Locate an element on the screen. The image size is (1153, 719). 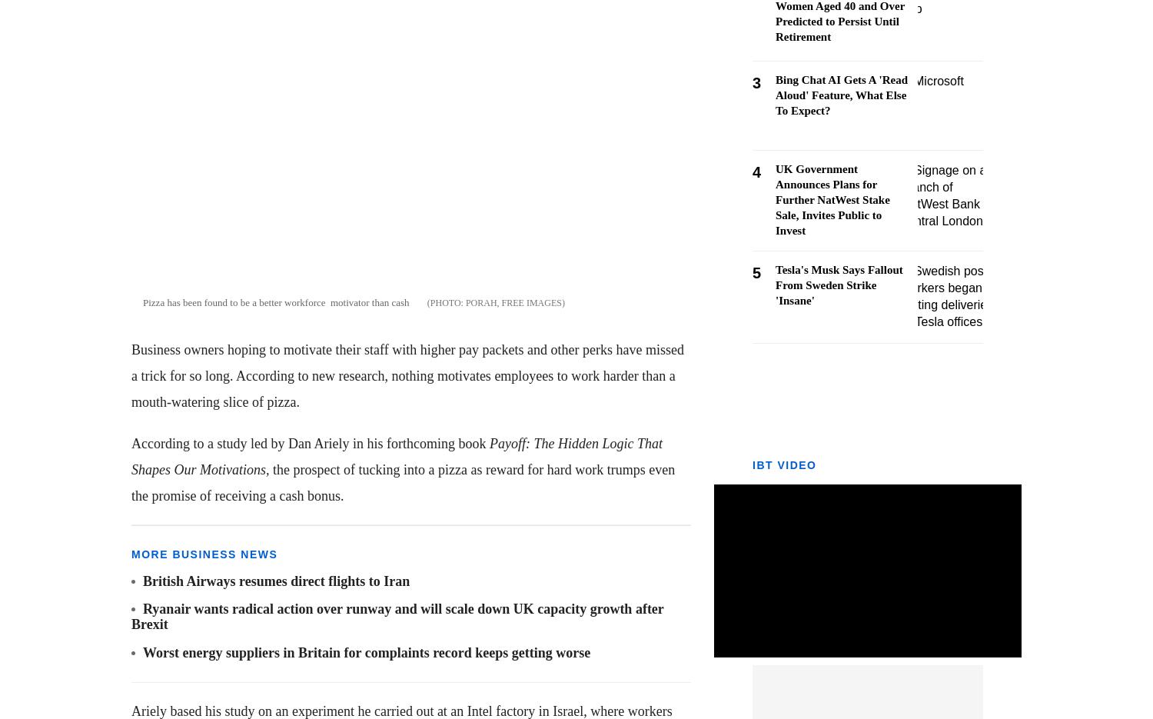
'IBT VIDEO' is located at coordinates (752, 464).